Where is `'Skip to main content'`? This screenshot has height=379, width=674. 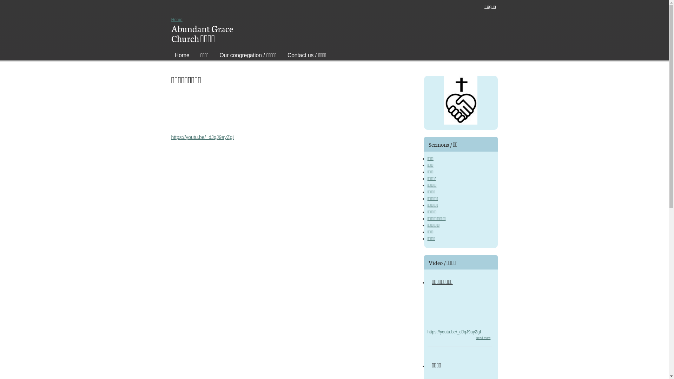
'Skip to main content' is located at coordinates (334, 1).